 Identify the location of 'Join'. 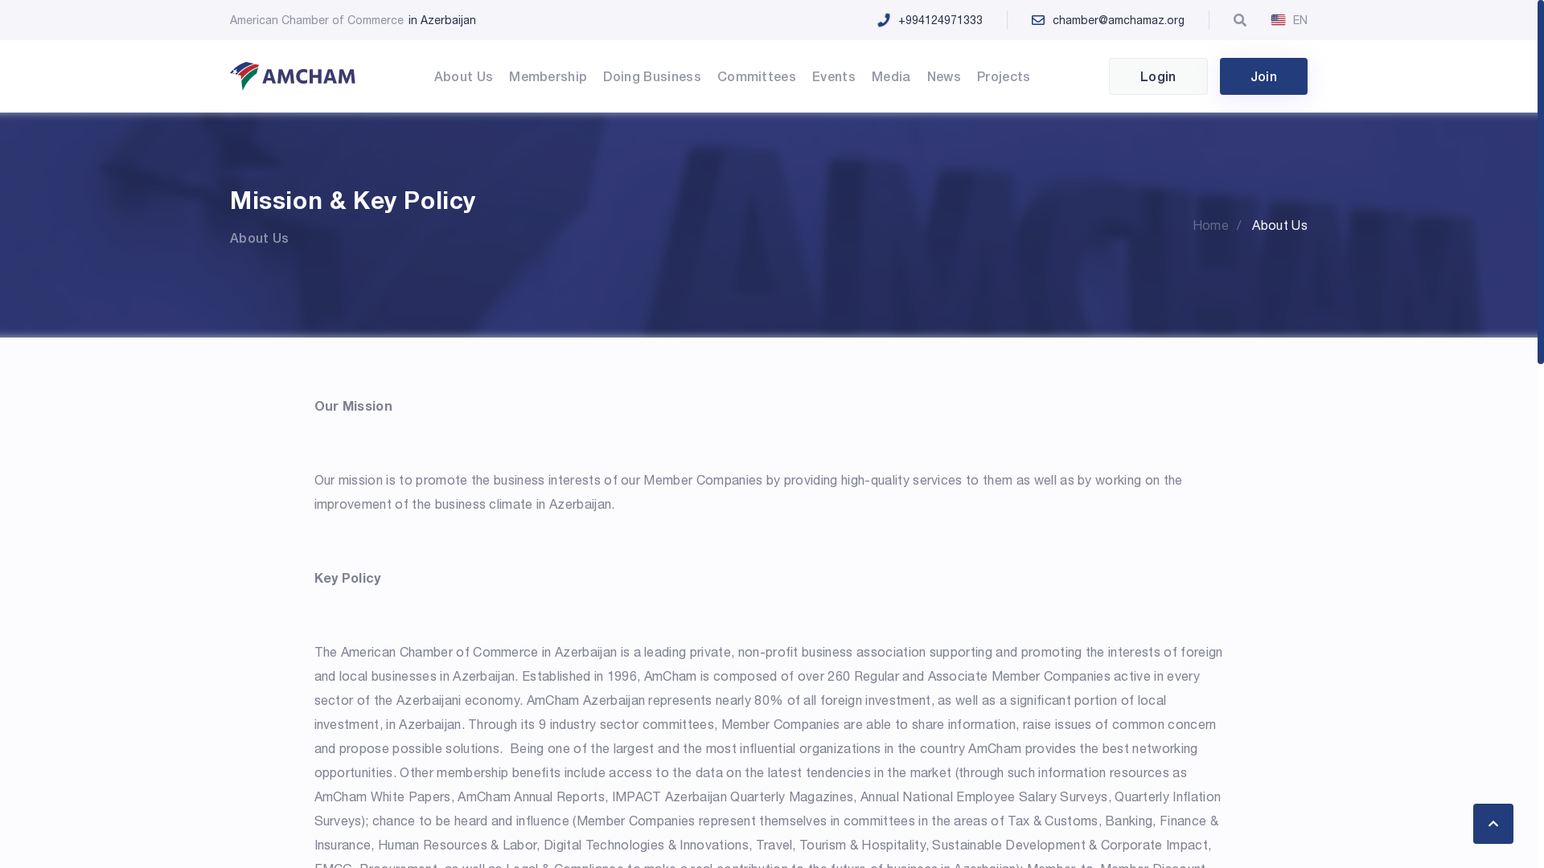
(1263, 76).